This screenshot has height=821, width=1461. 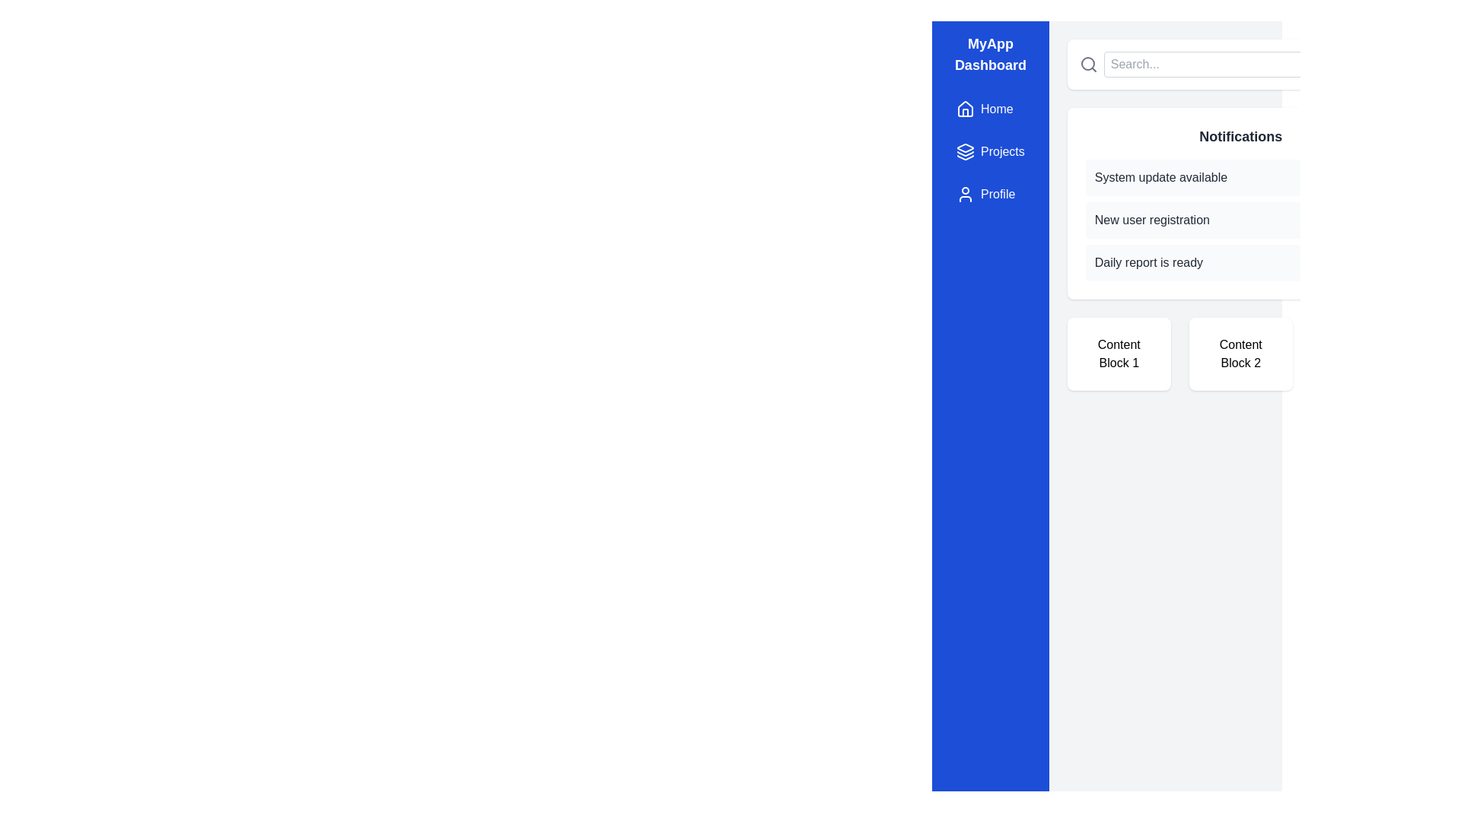 I want to click on the search trigger icon button located in the top-right corner beside the search input field to initiate a search action, so click(x=1087, y=63).